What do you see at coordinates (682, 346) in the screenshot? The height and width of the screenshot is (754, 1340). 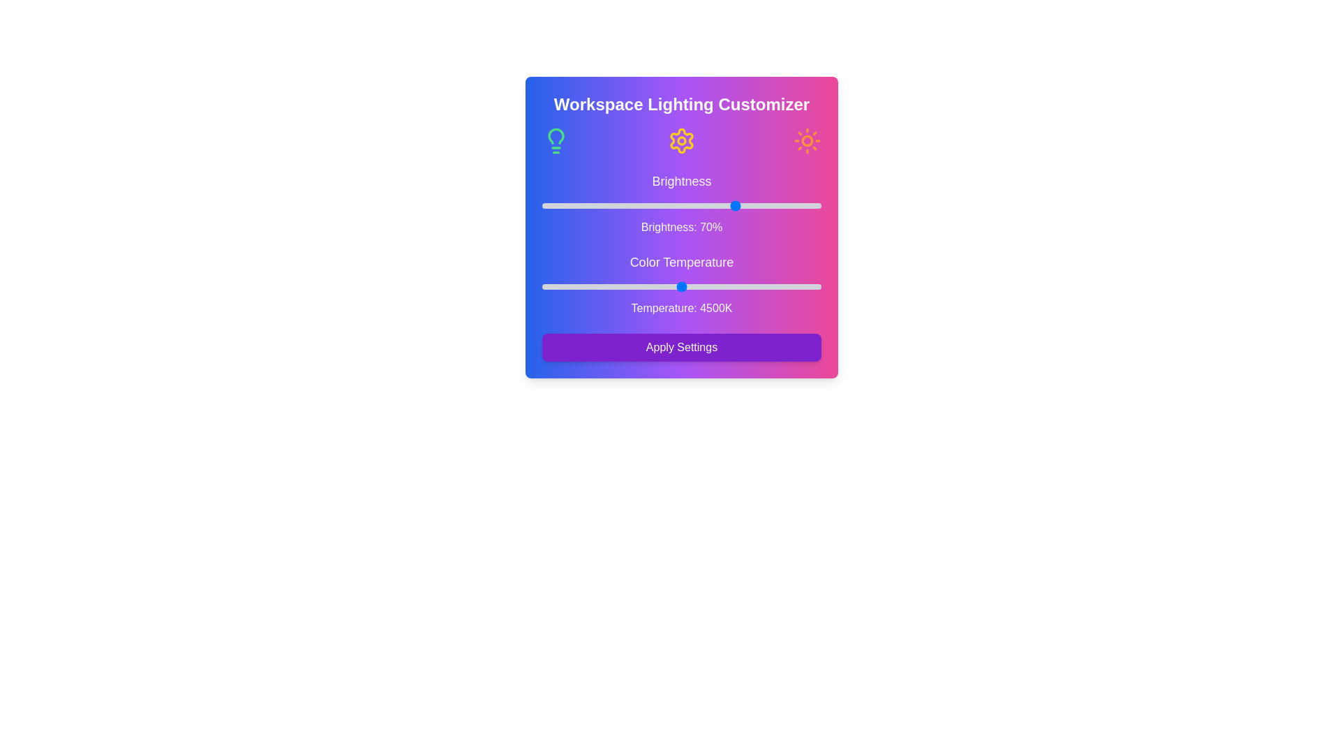 I see `the 'Apply Settings' button to apply the current settings` at bounding box center [682, 346].